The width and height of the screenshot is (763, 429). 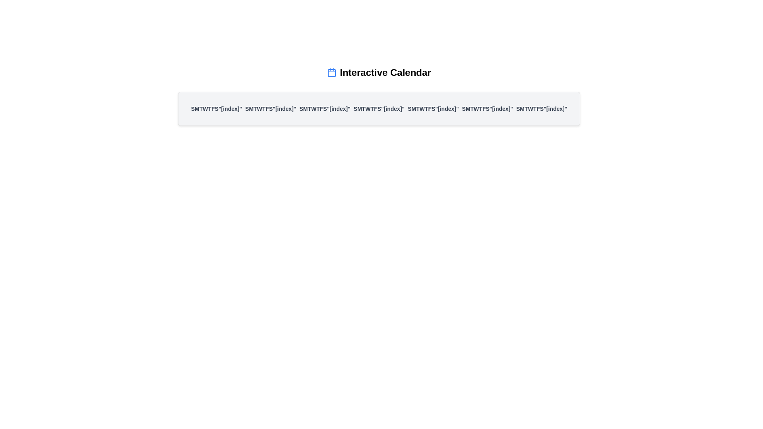 What do you see at coordinates (385, 72) in the screenshot?
I see `the 'Interactive Calendar' heading by clicking it to access adjacent interactive elements` at bounding box center [385, 72].